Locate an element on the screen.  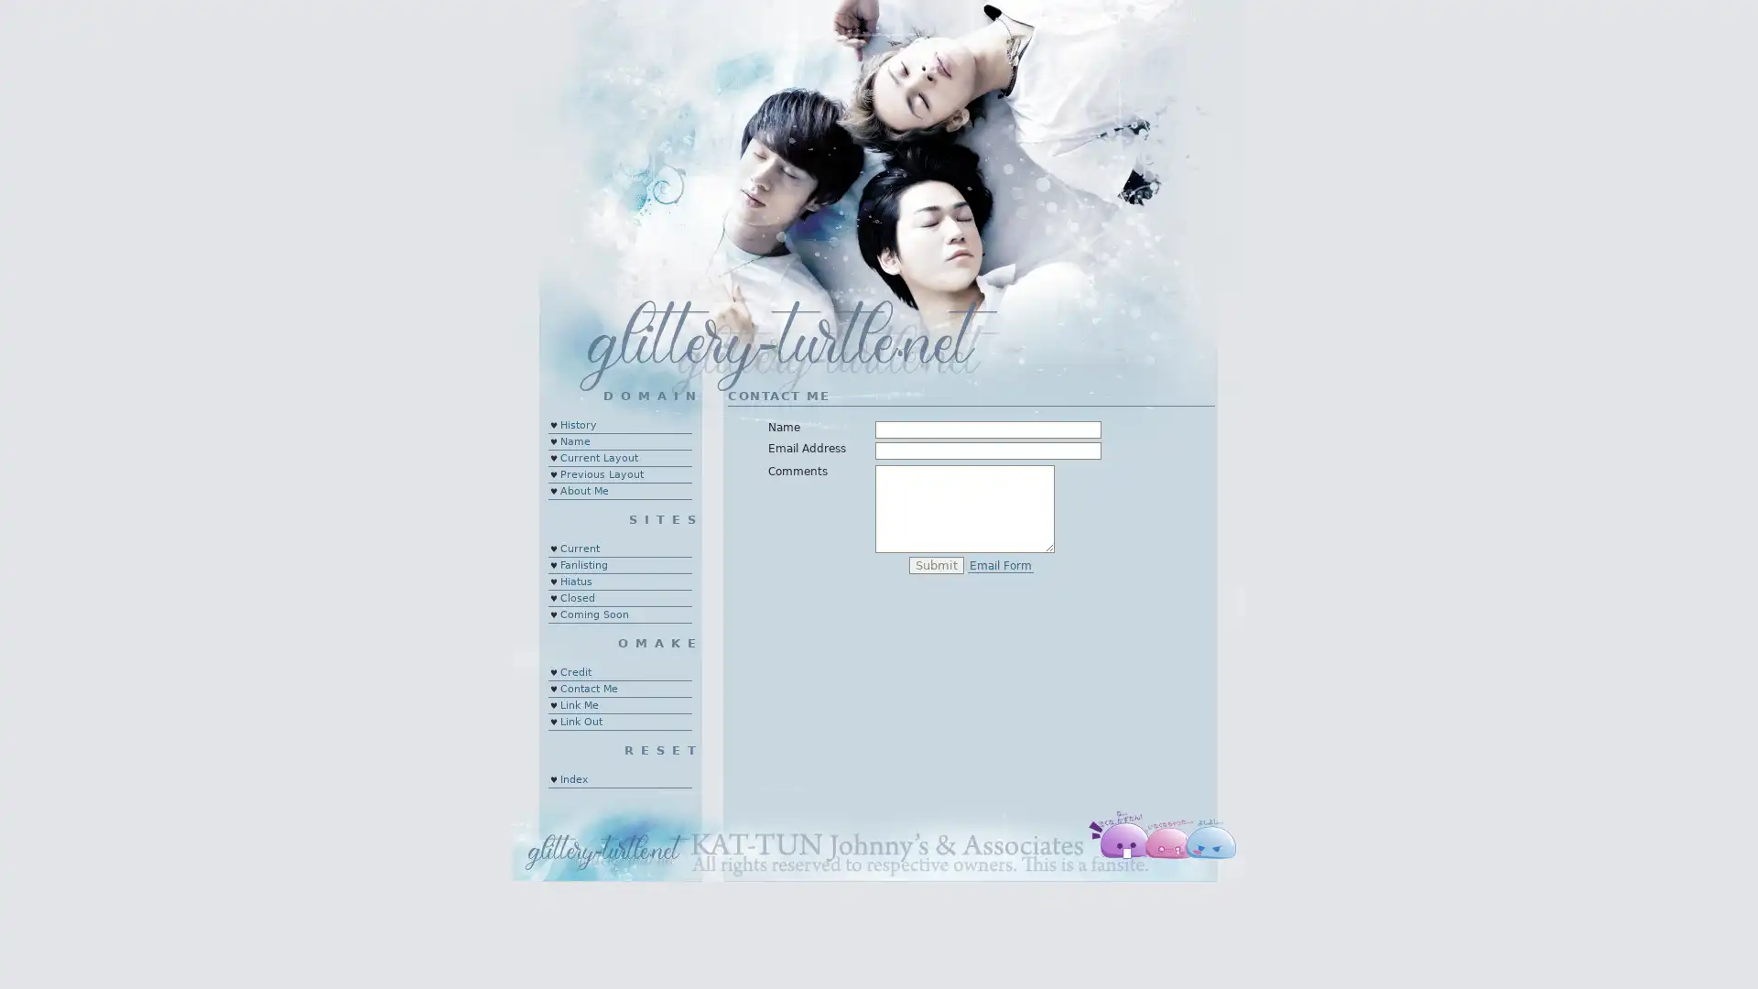
Submit is located at coordinates (936, 564).